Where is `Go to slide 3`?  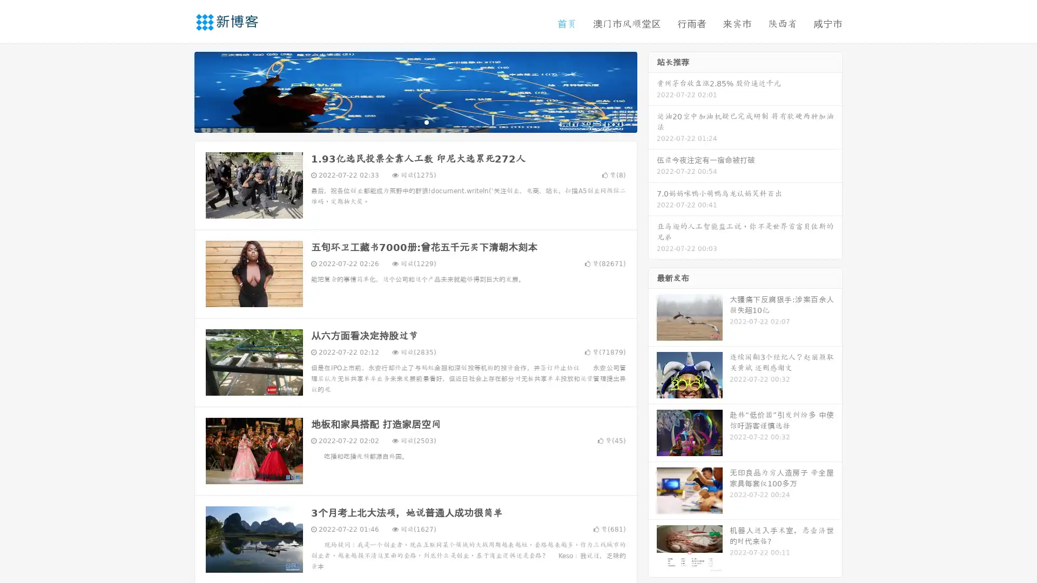
Go to slide 3 is located at coordinates (426, 121).